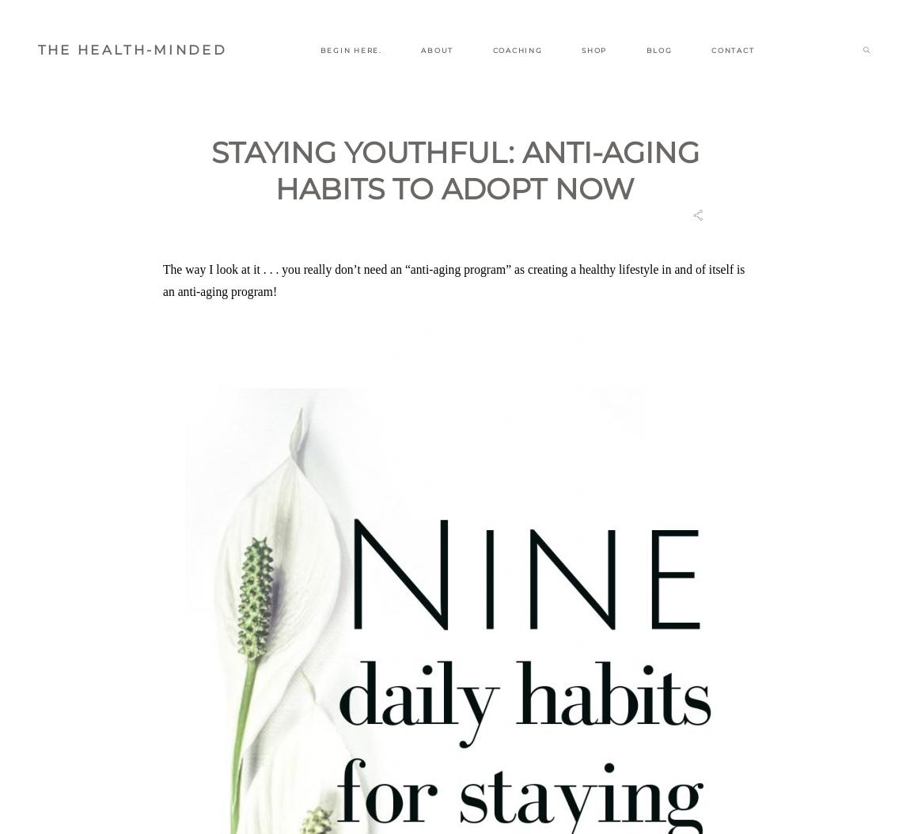 This screenshot has width=910, height=834. What do you see at coordinates (732, 49) in the screenshot?
I see `'CONTACT'` at bounding box center [732, 49].